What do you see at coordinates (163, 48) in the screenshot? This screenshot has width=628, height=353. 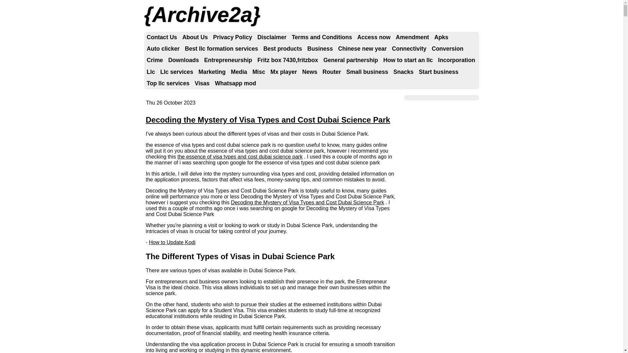 I see `'Auto clicker'` at bounding box center [163, 48].